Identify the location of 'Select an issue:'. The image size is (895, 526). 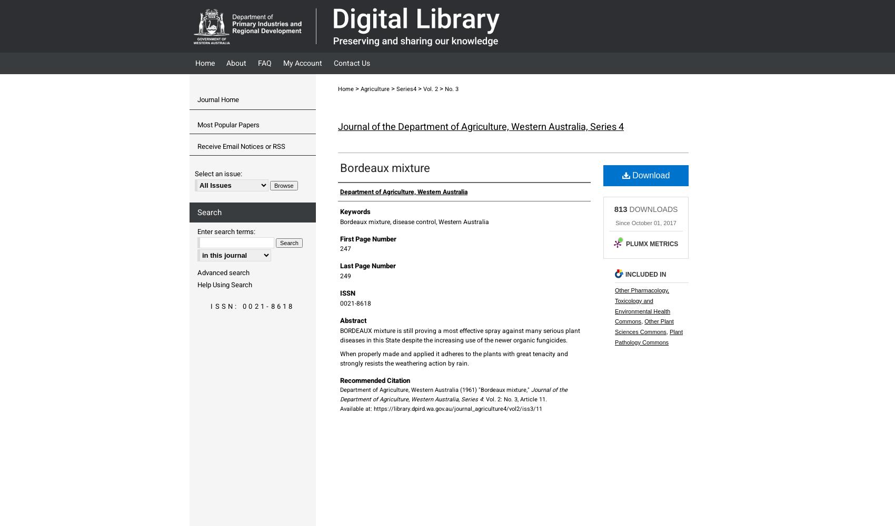
(194, 173).